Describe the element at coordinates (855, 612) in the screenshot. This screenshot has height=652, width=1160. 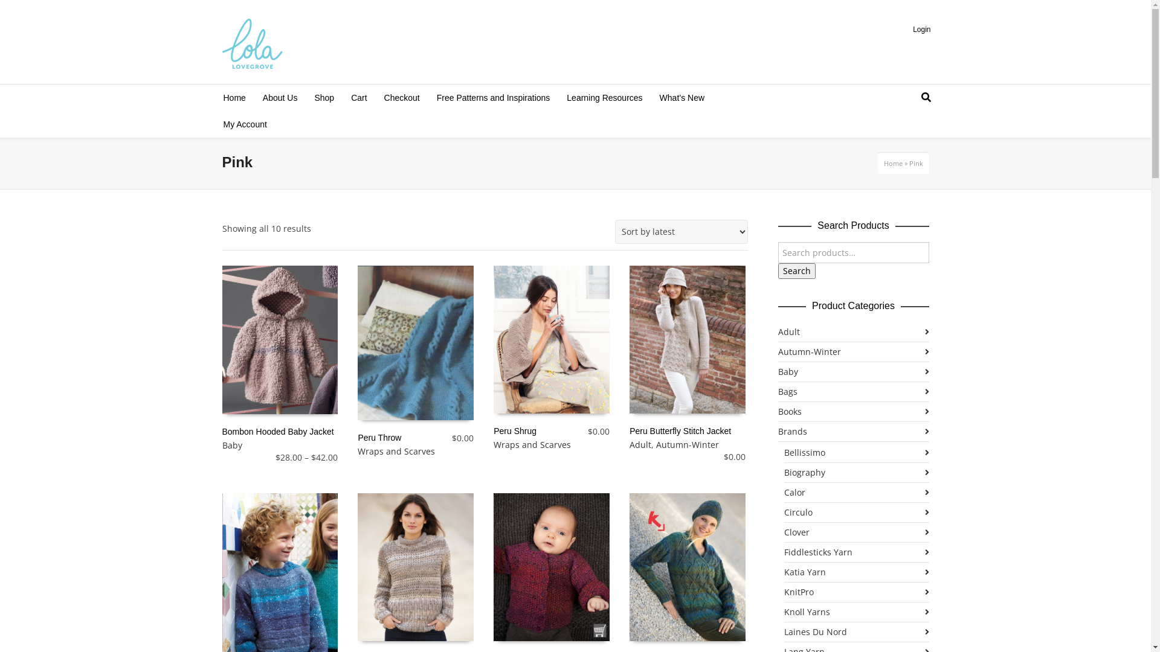
I see `'Knoll Yarns'` at that location.